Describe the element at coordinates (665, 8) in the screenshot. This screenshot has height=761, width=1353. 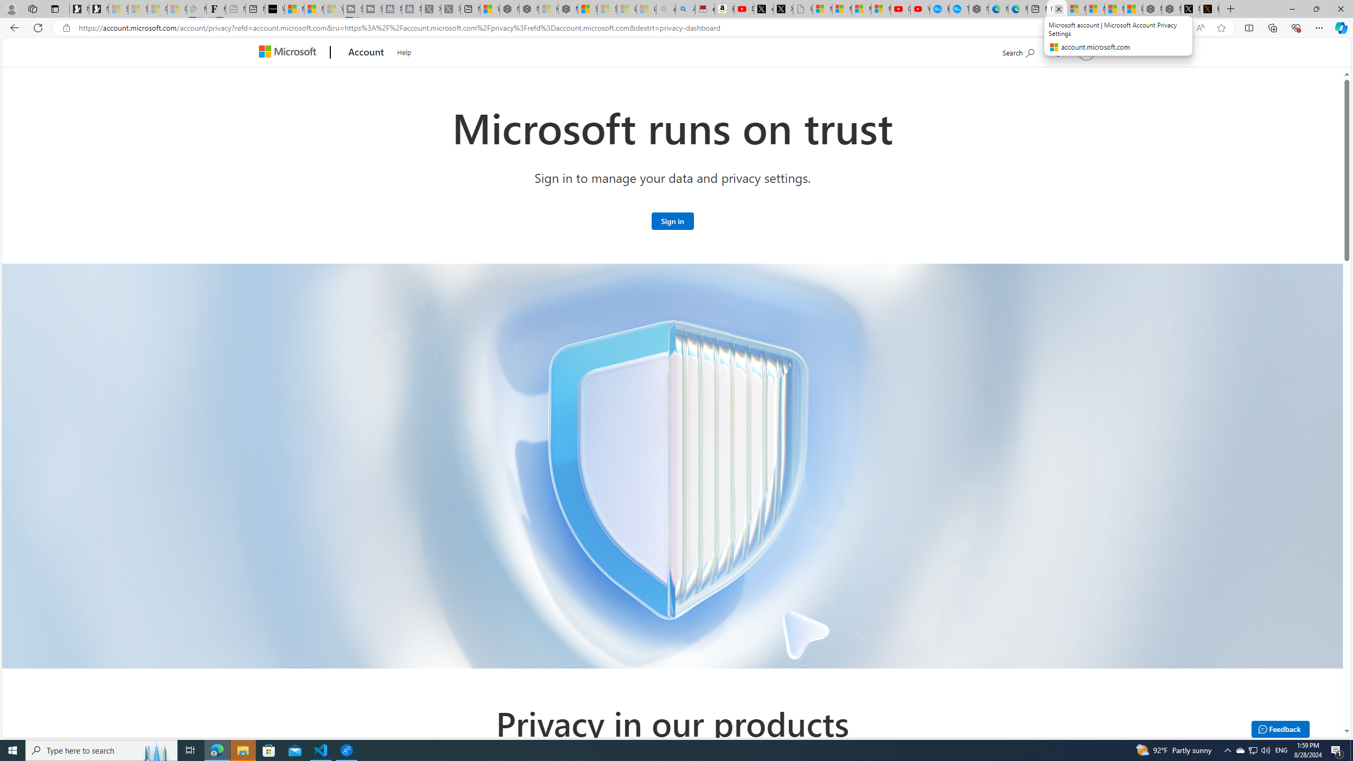
I see `'amazon - Search - Sleeping'` at that location.